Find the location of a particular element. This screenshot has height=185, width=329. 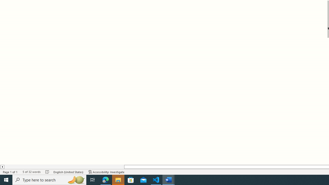

'Page Number Page 1 of 1' is located at coordinates (10, 172).